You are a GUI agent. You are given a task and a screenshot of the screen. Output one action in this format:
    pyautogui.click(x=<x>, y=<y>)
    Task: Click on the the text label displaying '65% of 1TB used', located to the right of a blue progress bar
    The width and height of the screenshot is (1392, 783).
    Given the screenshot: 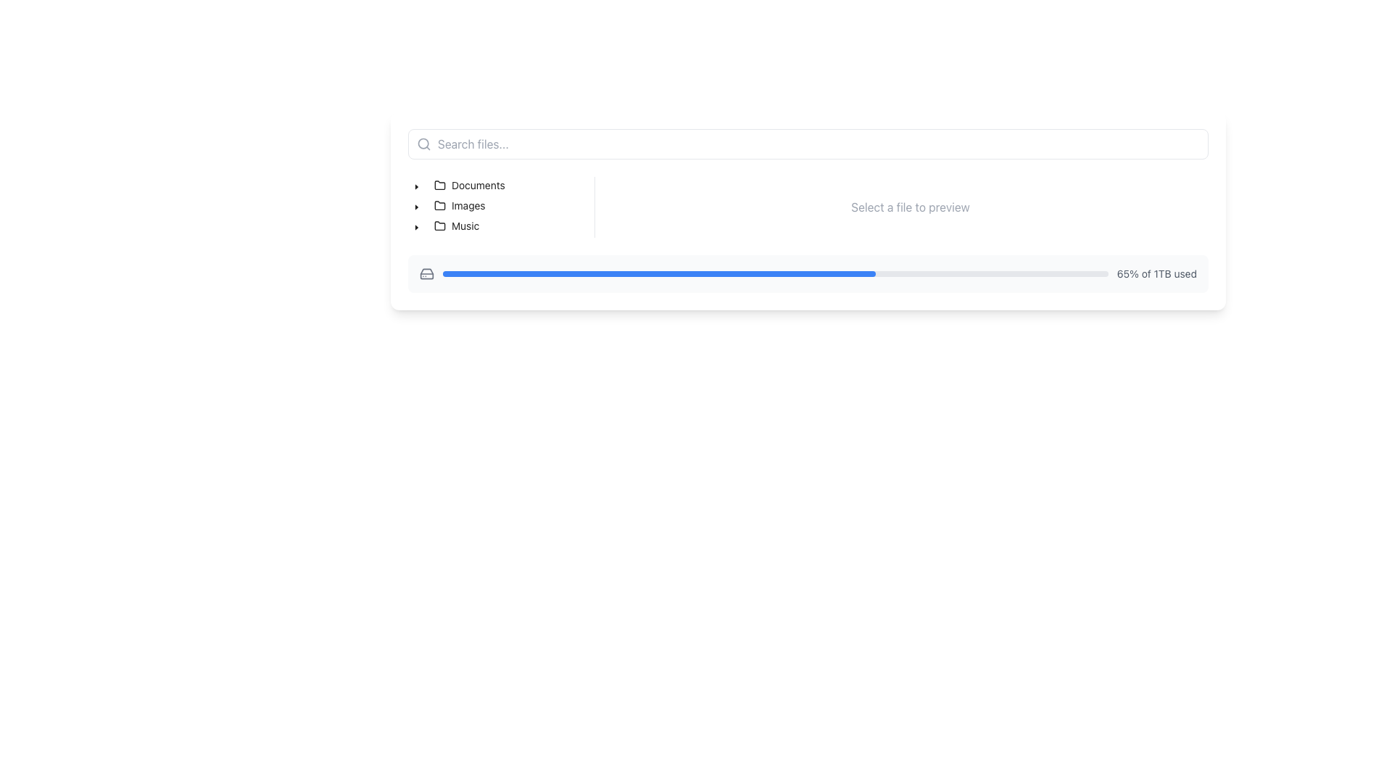 What is the action you would take?
    pyautogui.click(x=1156, y=274)
    